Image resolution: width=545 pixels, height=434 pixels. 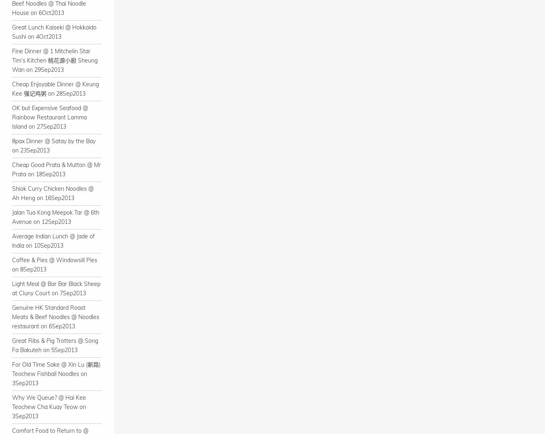 What do you see at coordinates (11, 317) in the screenshot?
I see `'Genuine HK Standard Roast Meats & Beef Noodles @ Noodles restaurant on 6Sep2013'` at bounding box center [11, 317].